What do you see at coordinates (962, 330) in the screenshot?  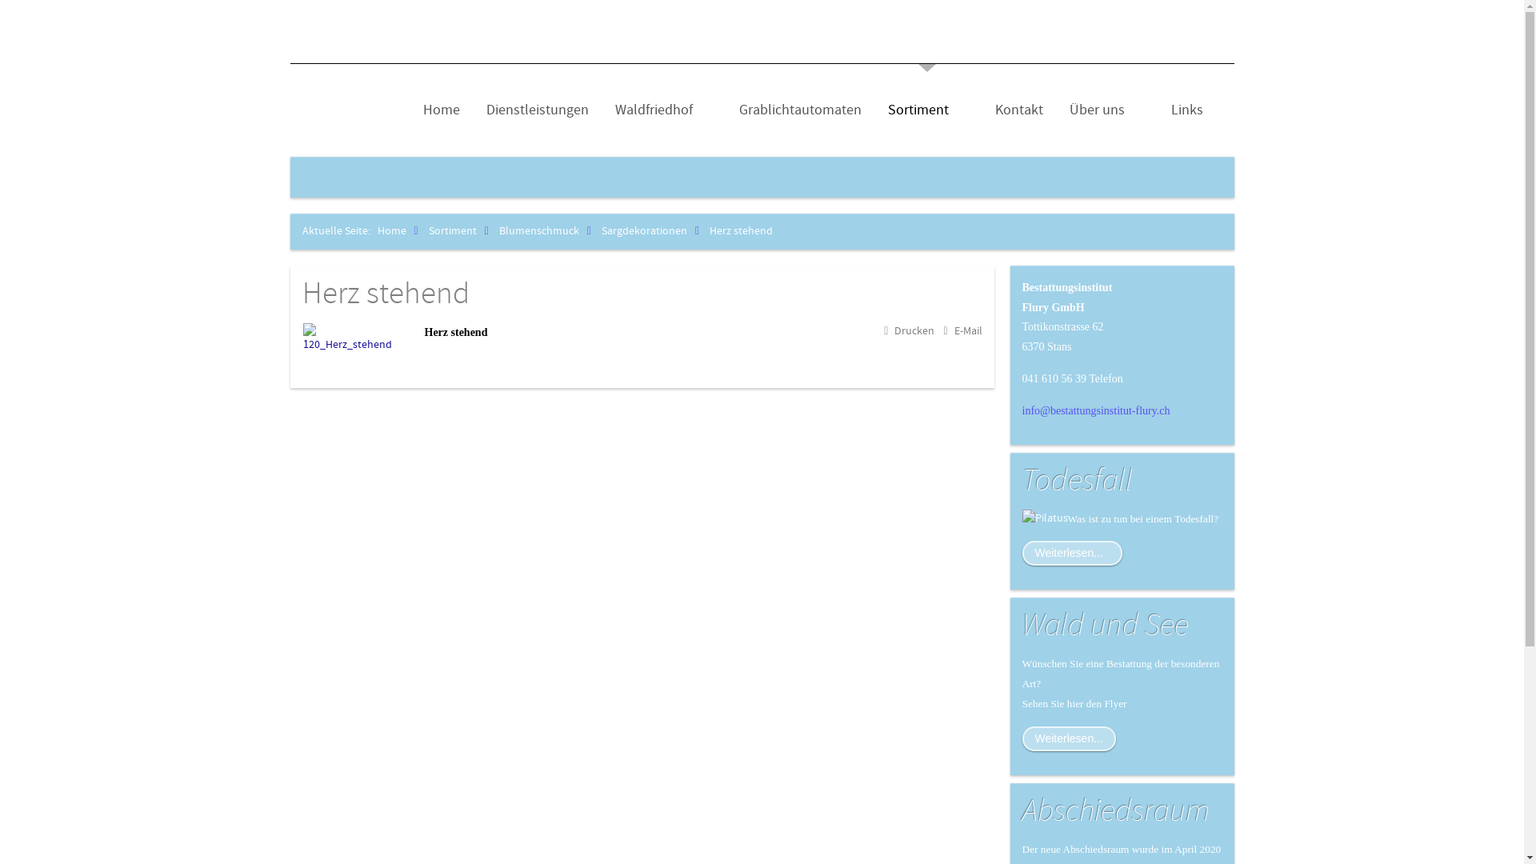 I see `'E-Mail'` at bounding box center [962, 330].